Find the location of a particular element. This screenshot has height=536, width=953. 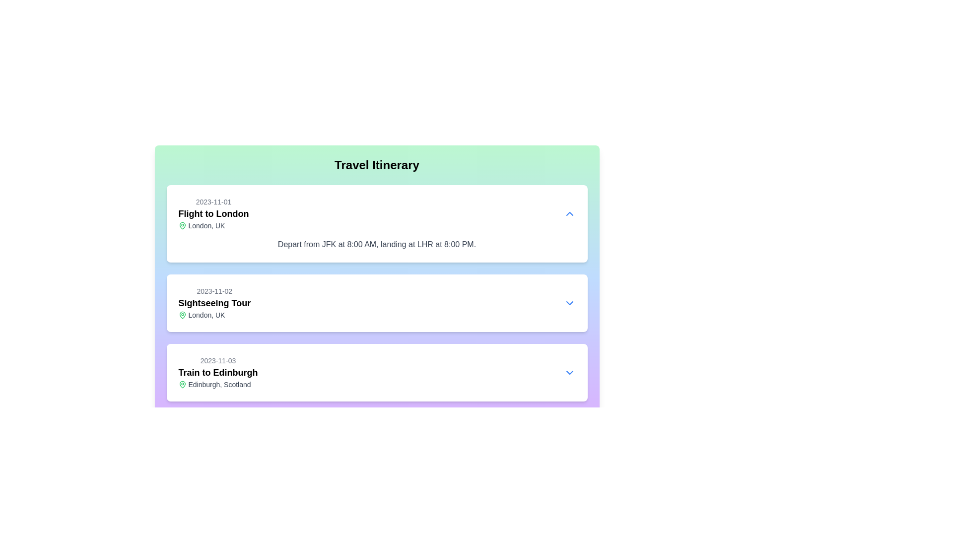

the second item in the vertically stacked itinerary list titled 'Sightseeing Tour' is located at coordinates (214, 302).